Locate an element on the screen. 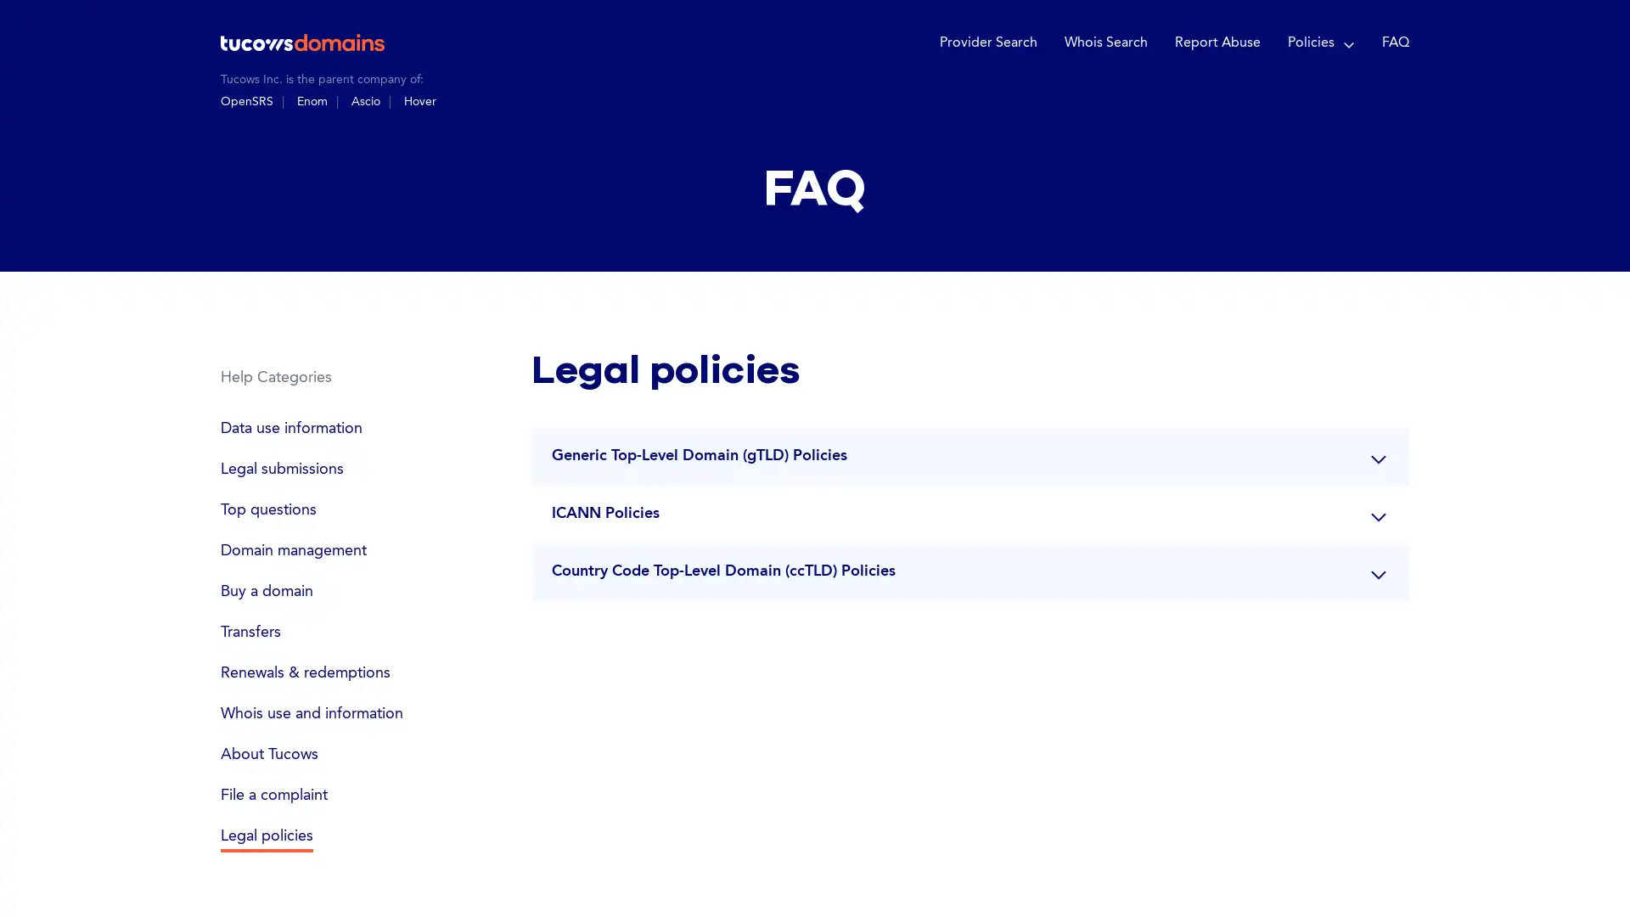 Image resolution: width=1630 pixels, height=917 pixels. Generic Top-Level Domain (gTLD) Policies is located at coordinates (970, 454).